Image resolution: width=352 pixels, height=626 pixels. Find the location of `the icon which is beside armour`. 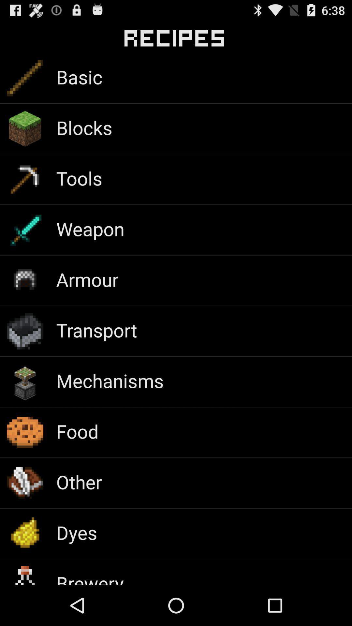

the icon which is beside armour is located at coordinates (25, 280).